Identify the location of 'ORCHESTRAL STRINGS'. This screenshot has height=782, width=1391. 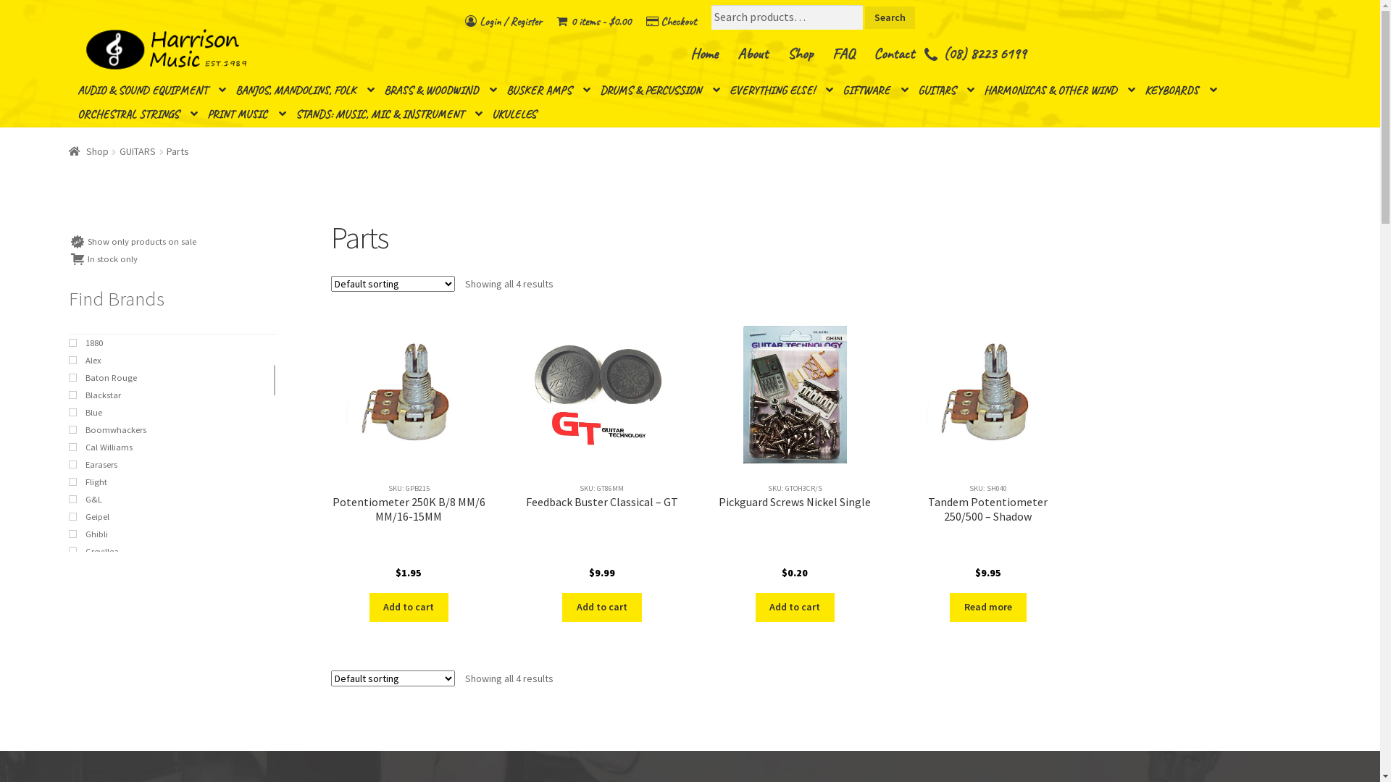
(138, 114).